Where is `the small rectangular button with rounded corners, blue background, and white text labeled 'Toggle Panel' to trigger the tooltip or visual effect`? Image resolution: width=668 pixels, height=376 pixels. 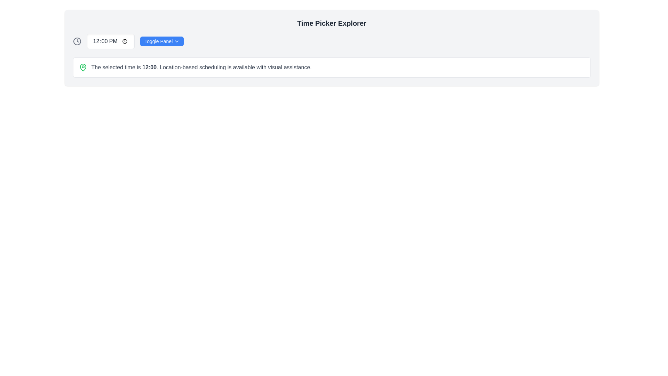 the small rectangular button with rounded corners, blue background, and white text labeled 'Toggle Panel' to trigger the tooltip or visual effect is located at coordinates (161, 41).